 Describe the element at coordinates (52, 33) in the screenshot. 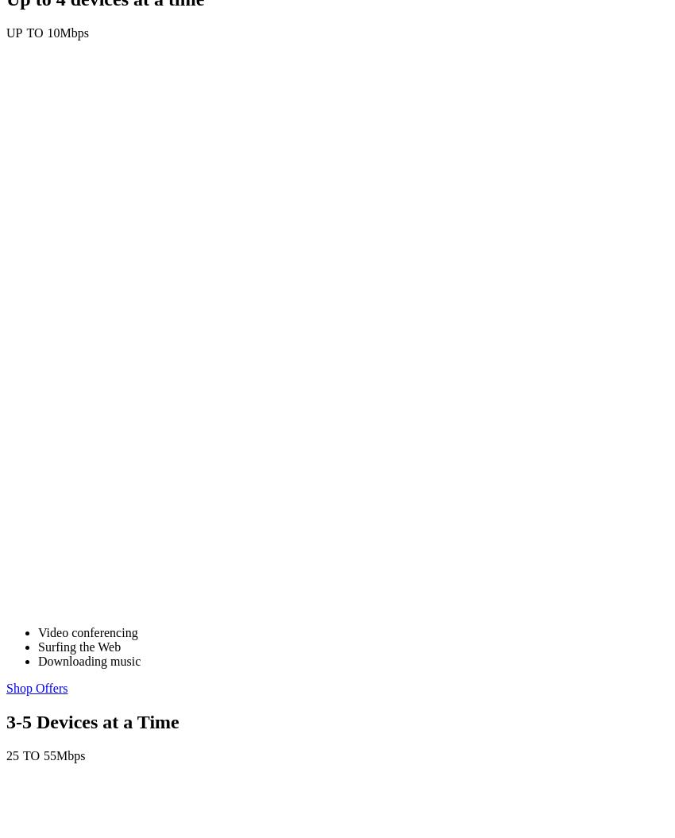

I see `'10'` at that location.